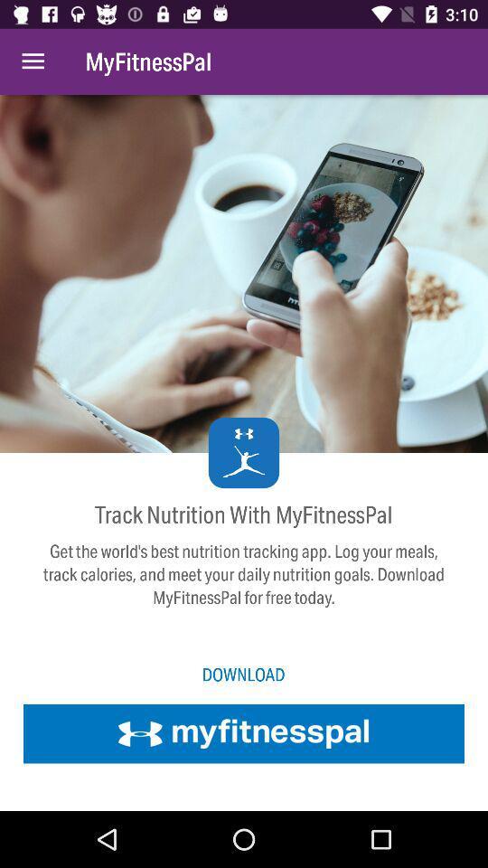 The width and height of the screenshot is (488, 868). What do you see at coordinates (244, 733) in the screenshot?
I see `myfitnesspal banner` at bounding box center [244, 733].